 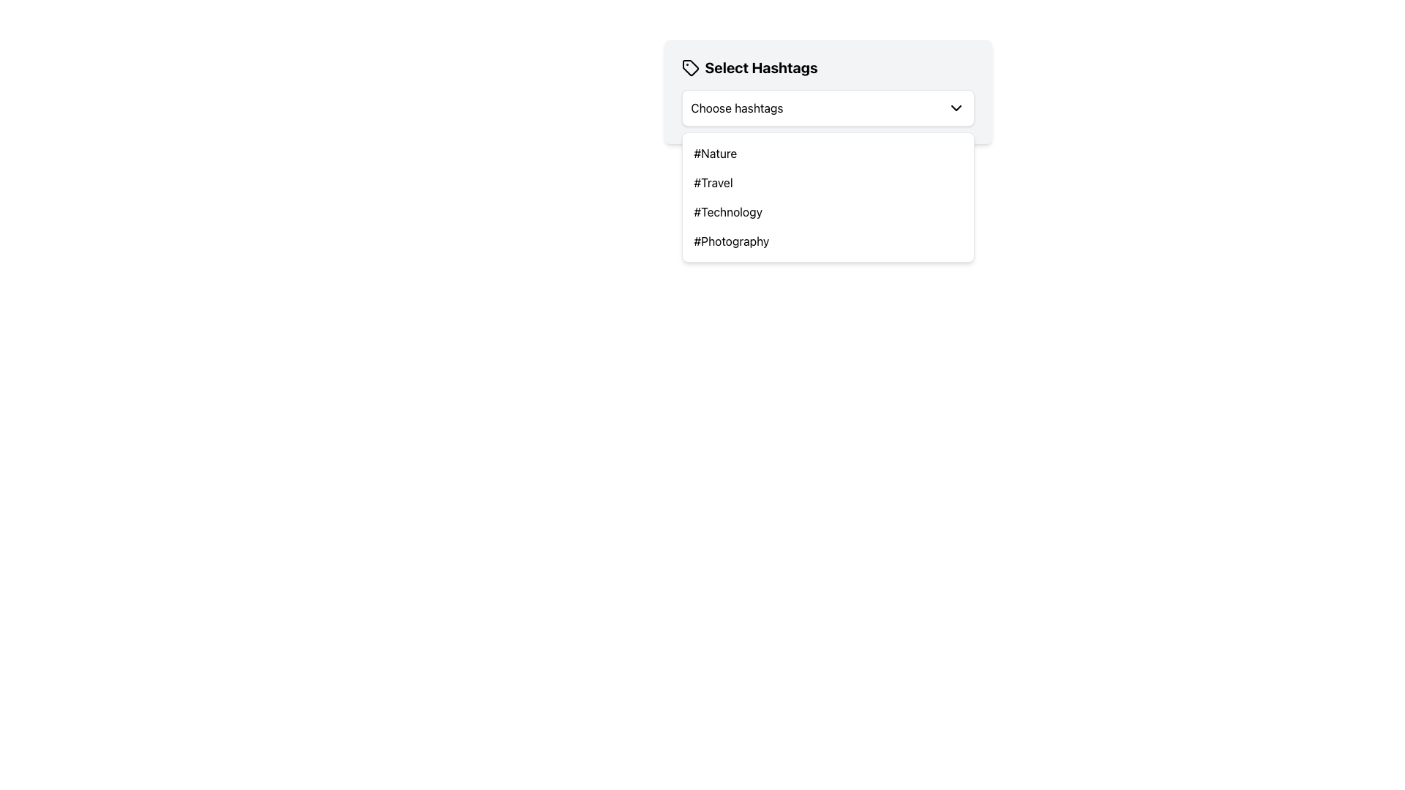 What do you see at coordinates (689, 67) in the screenshot?
I see `the decorative SVG icon adjacent to the 'Select Hashtags' text, which serves as a visual cue for tagging` at bounding box center [689, 67].